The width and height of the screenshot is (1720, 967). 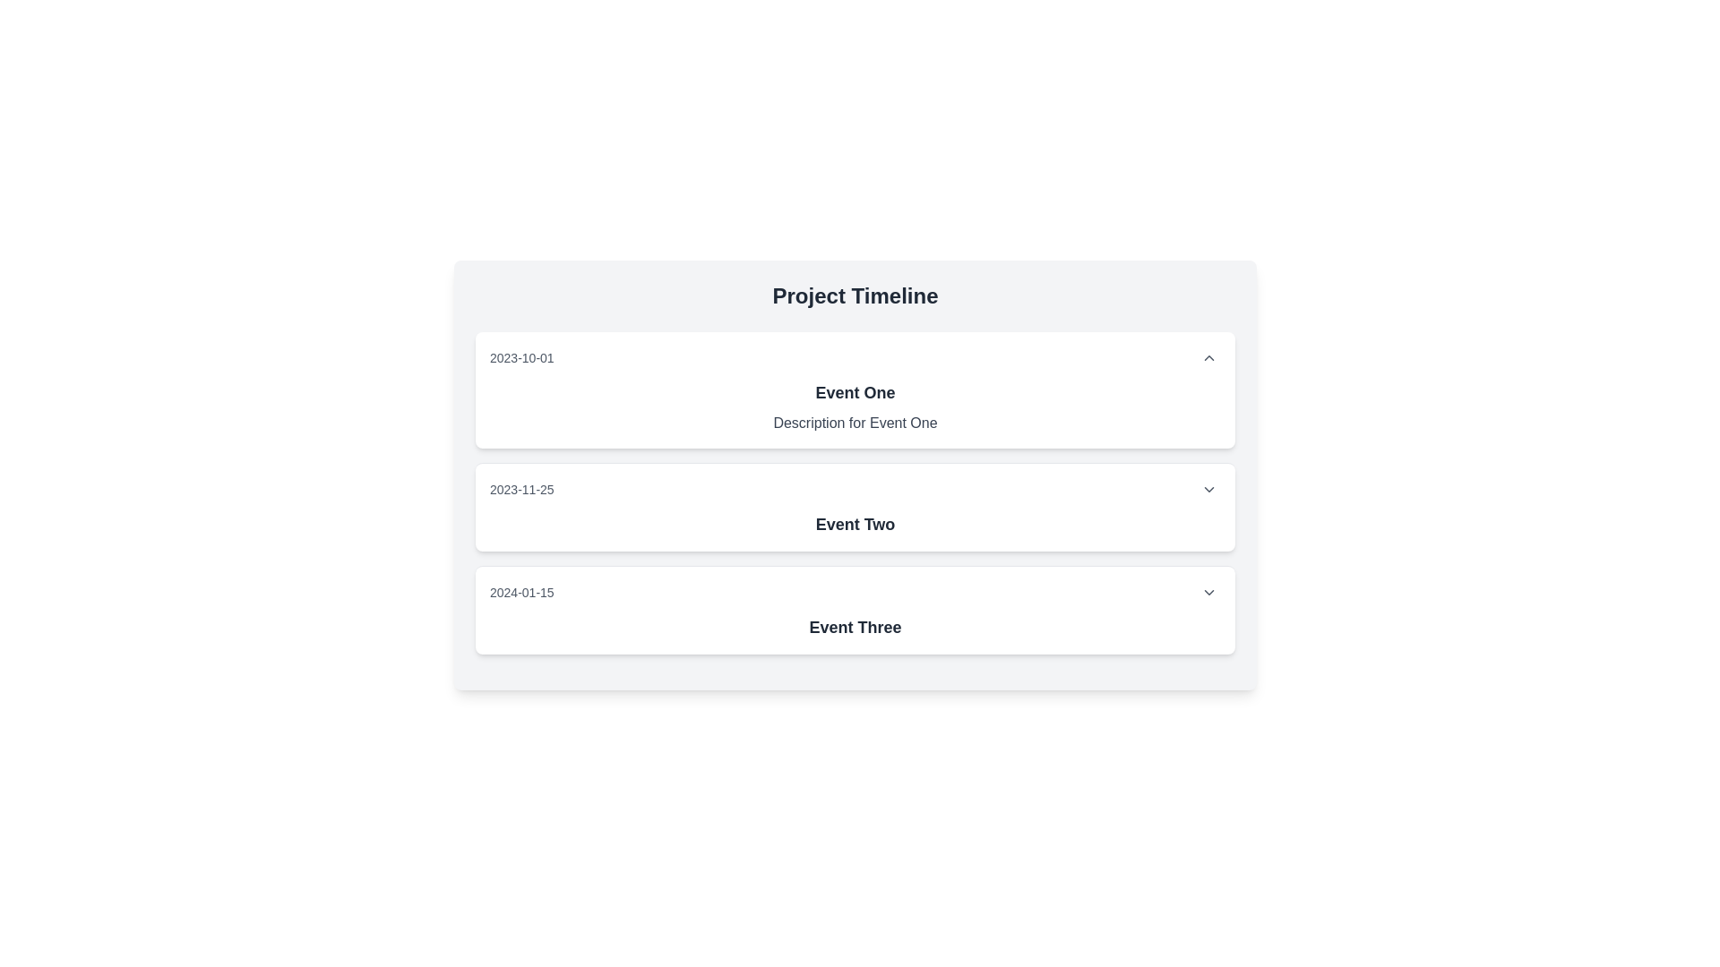 What do you see at coordinates (855, 490) in the screenshot?
I see `the selectable item displaying the date for 'Event Two'` at bounding box center [855, 490].